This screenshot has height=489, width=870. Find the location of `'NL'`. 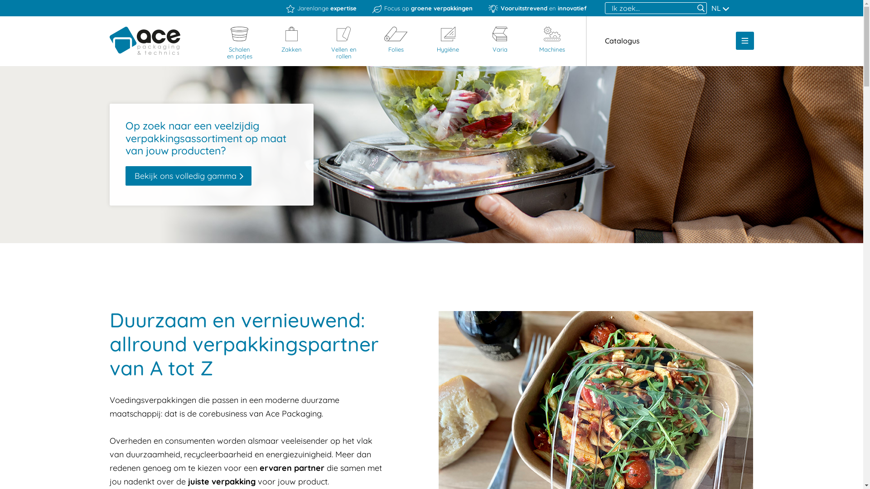

'NL' is located at coordinates (720, 8).